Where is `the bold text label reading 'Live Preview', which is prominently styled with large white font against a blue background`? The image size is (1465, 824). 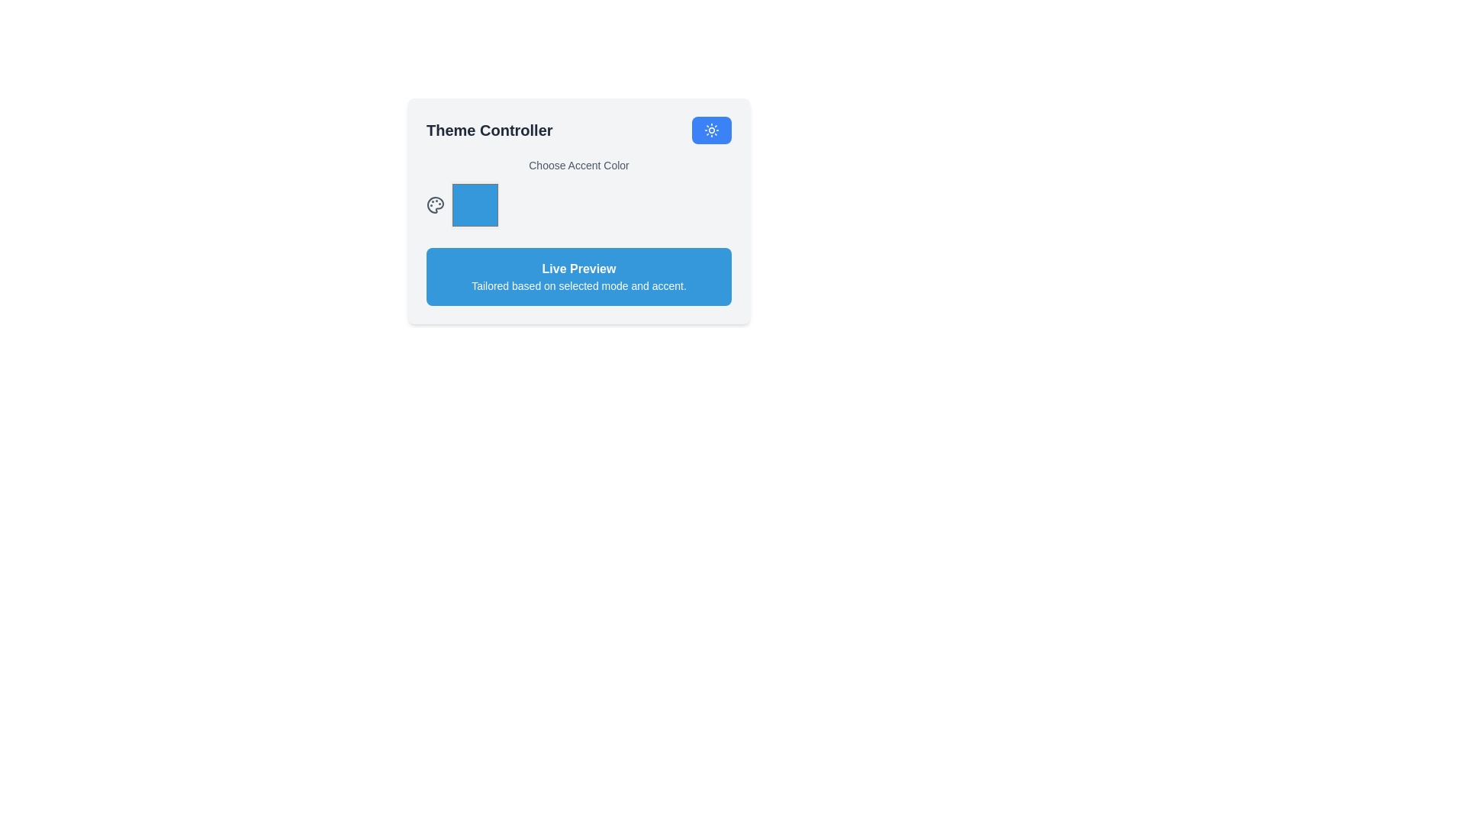
the bold text label reading 'Live Preview', which is prominently styled with large white font against a blue background is located at coordinates (578, 269).